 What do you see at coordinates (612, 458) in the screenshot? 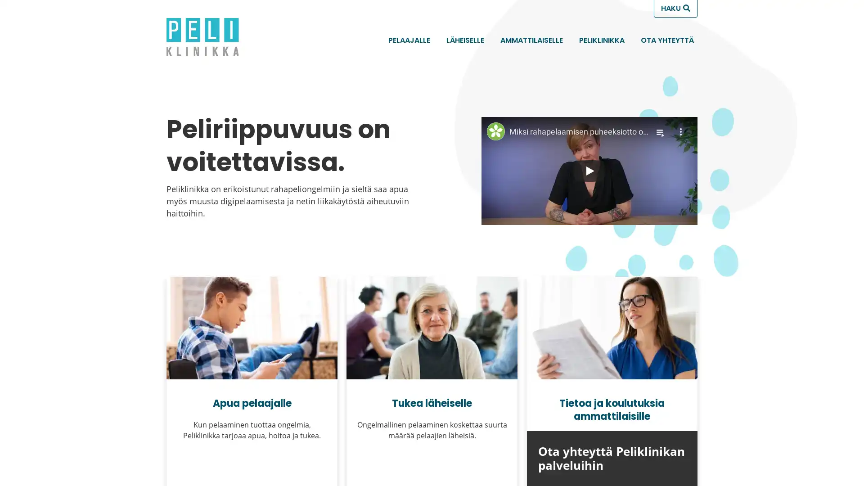
I see `Ota yhteytta Peliklinikan palveluihin` at bounding box center [612, 458].